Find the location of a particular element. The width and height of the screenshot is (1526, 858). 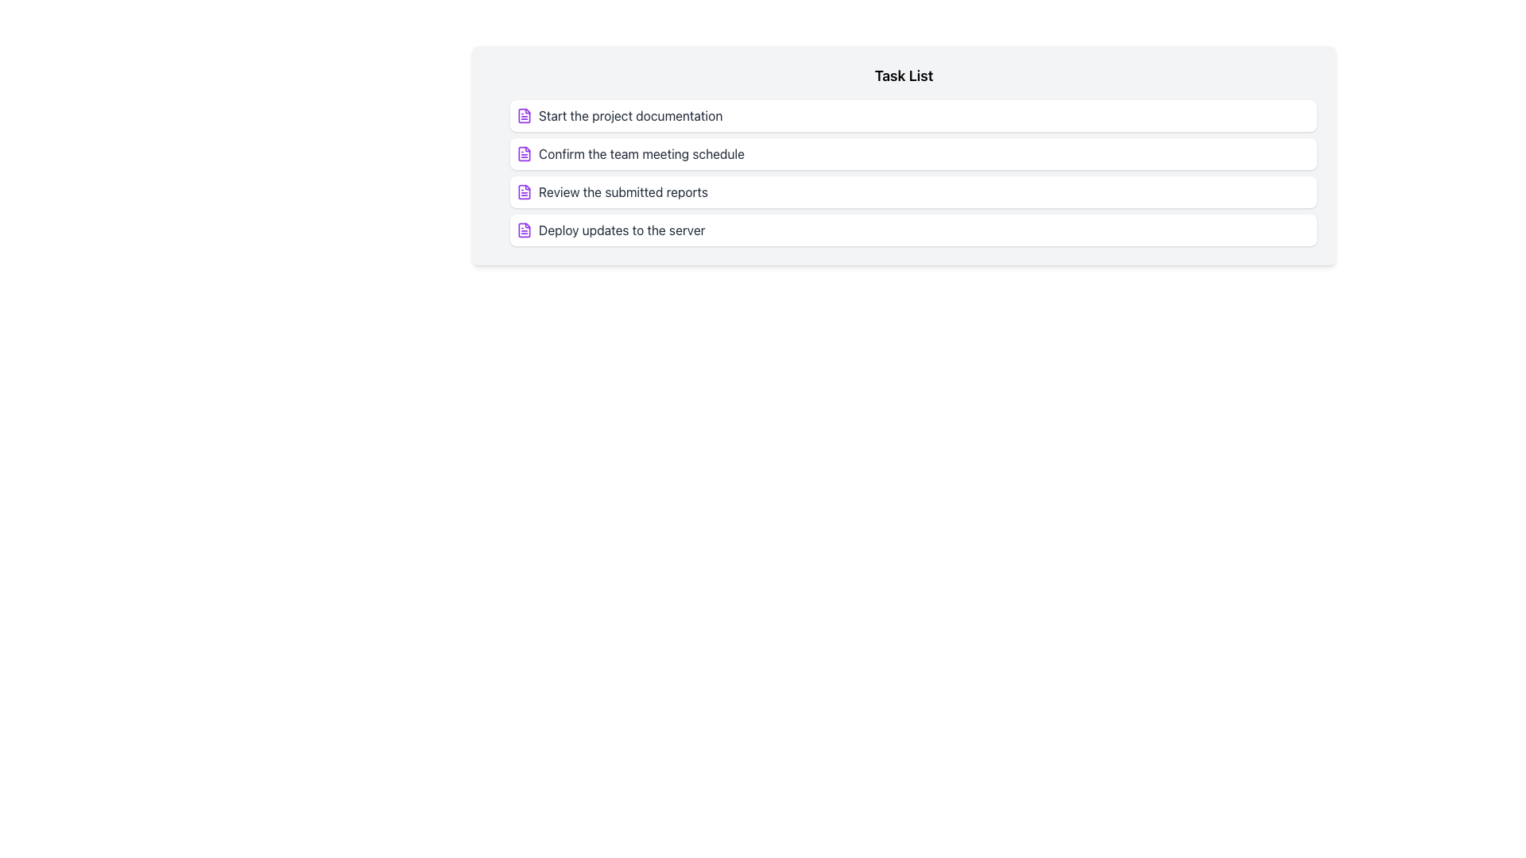

the icon representing the action related to the document, positioned inside the first list item of the 'Task List', to the left of the text 'Start the project documentation' is located at coordinates (525, 115).